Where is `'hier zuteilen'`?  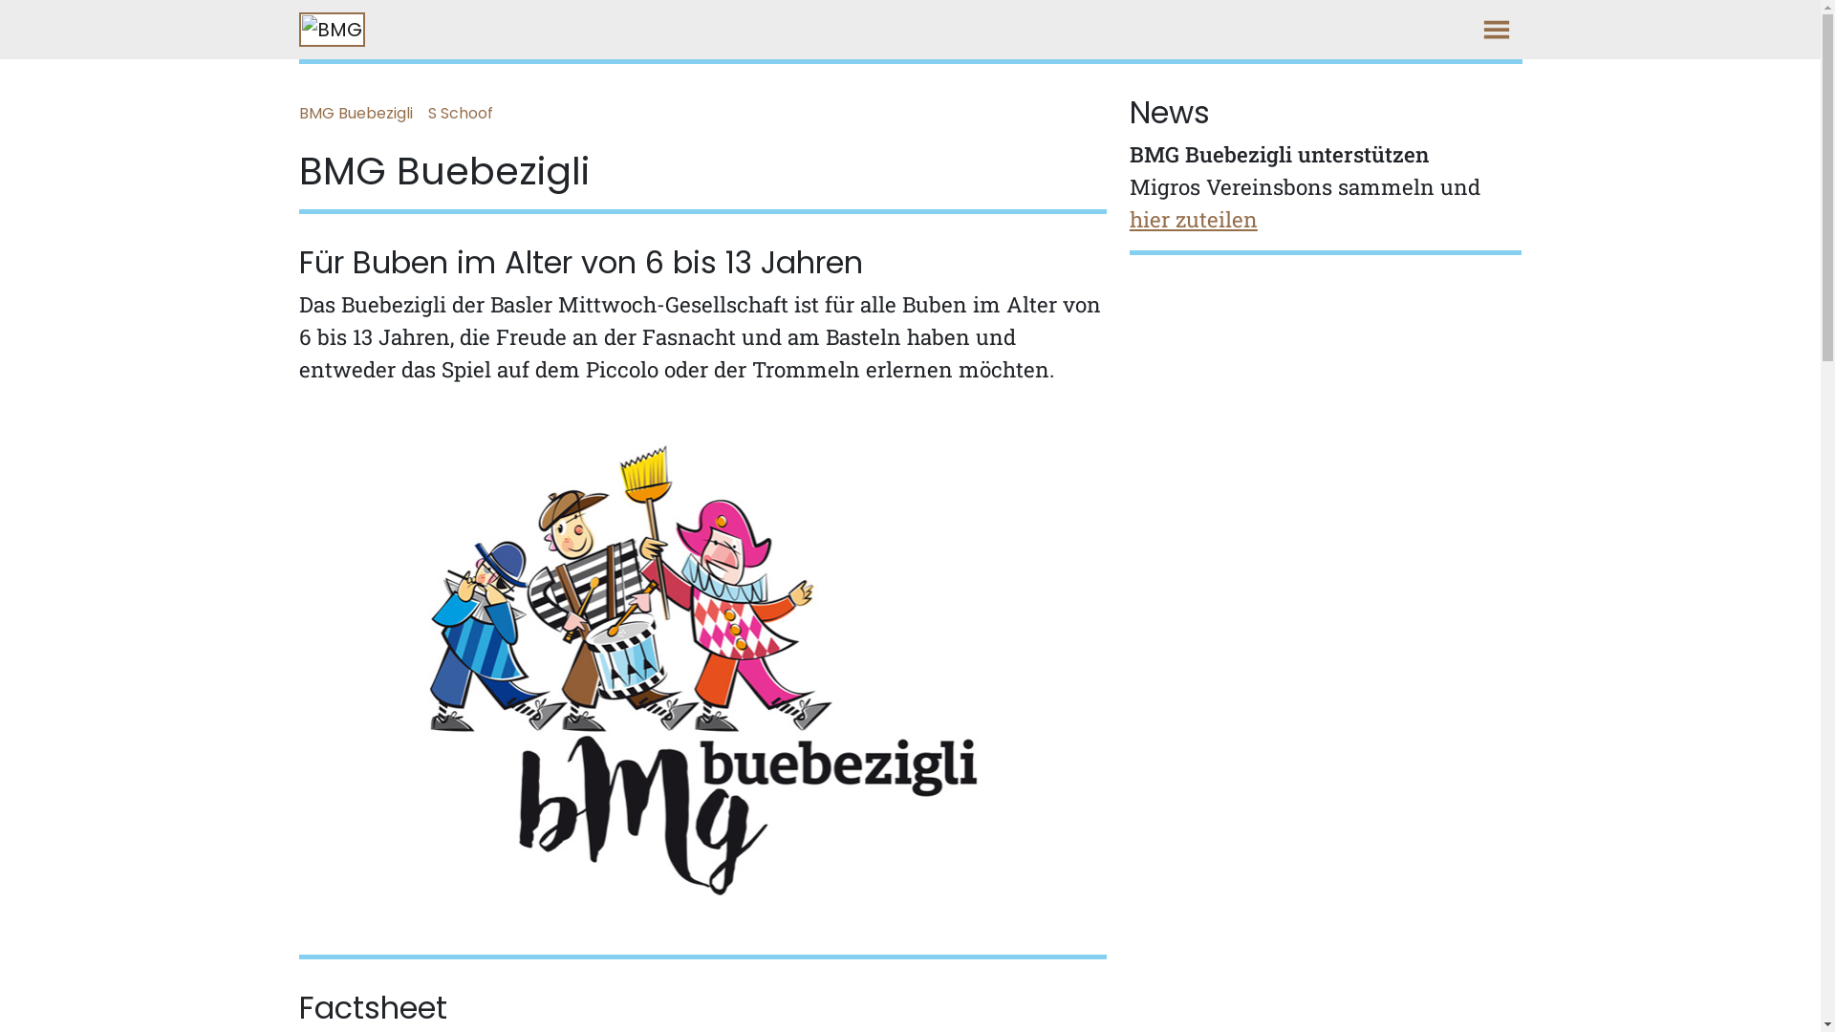 'hier zuteilen' is located at coordinates (1192, 218).